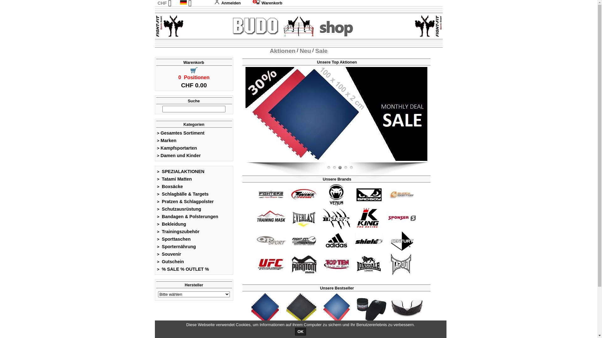 The image size is (602, 338). I want to click on '>  Gutschein', so click(170, 262).